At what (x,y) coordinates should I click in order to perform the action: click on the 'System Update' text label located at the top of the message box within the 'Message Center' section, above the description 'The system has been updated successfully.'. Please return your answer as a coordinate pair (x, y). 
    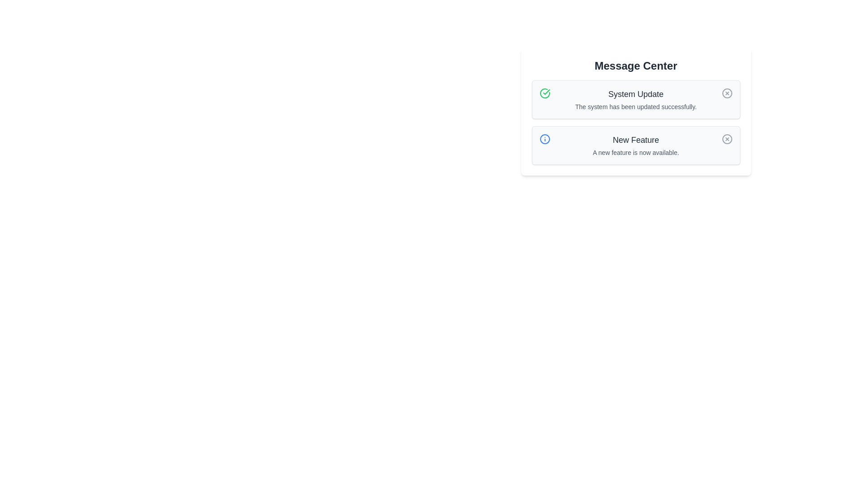
    Looking at the image, I should click on (635, 94).